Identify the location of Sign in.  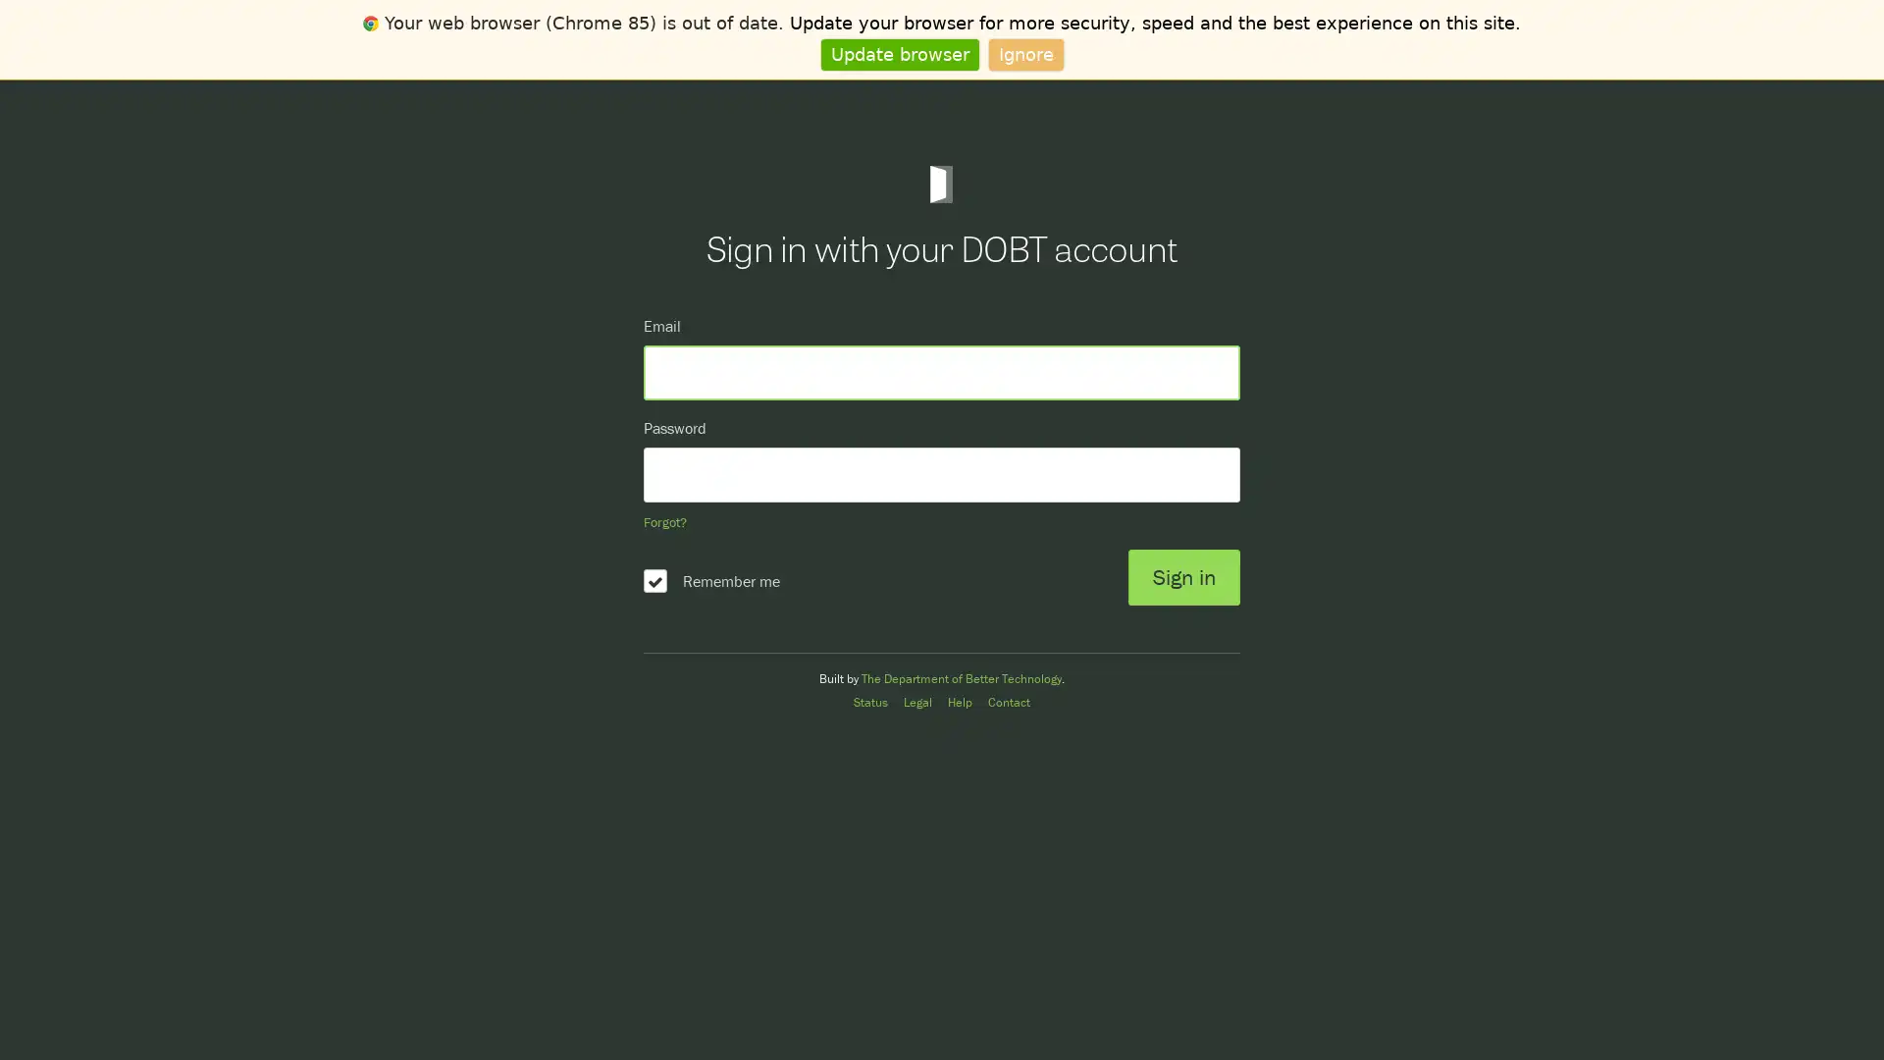
(1181, 576).